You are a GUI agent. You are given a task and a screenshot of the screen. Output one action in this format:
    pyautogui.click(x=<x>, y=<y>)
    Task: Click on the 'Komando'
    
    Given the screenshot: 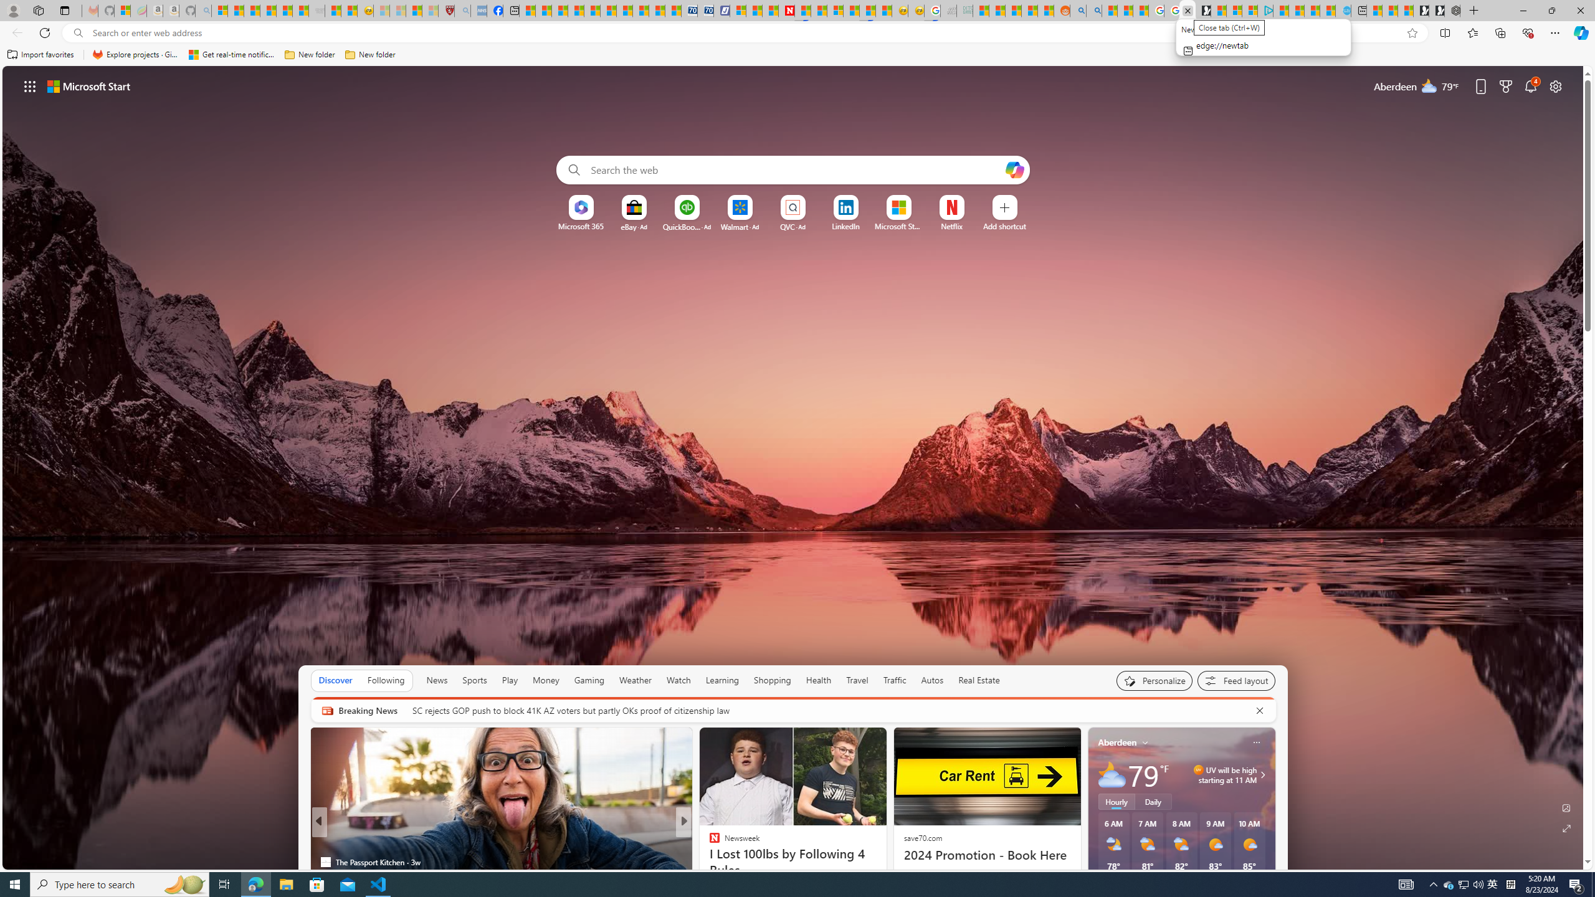 What is the action you would take?
    pyautogui.click(x=708, y=842)
    